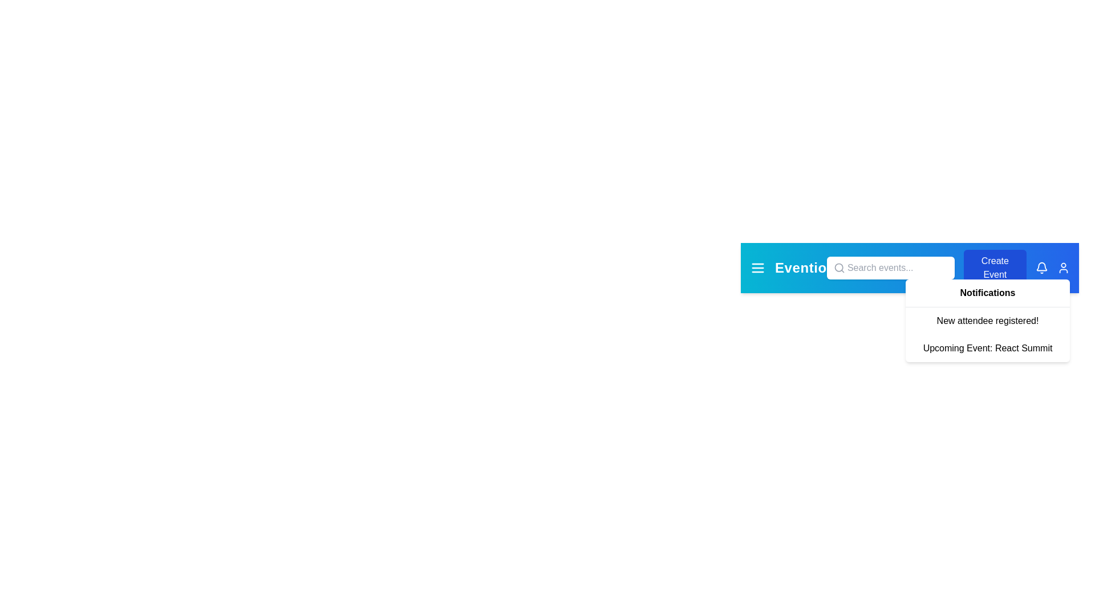 This screenshot has height=616, width=1095. I want to click on the 'Create Event' button to initiate the process of creating a new event, so click(994, 268).